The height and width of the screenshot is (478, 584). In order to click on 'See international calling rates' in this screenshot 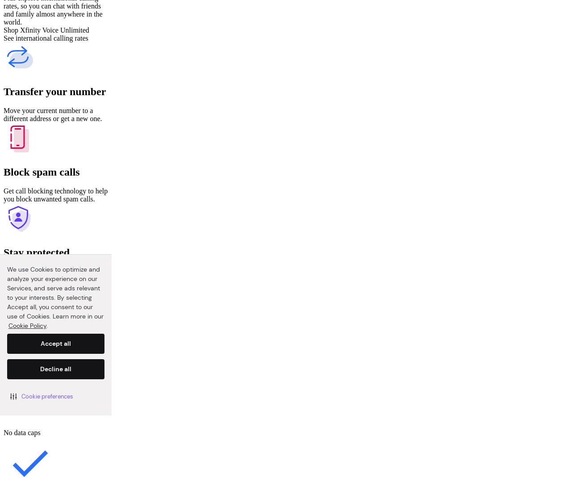, I will do `click(45, 38)`.